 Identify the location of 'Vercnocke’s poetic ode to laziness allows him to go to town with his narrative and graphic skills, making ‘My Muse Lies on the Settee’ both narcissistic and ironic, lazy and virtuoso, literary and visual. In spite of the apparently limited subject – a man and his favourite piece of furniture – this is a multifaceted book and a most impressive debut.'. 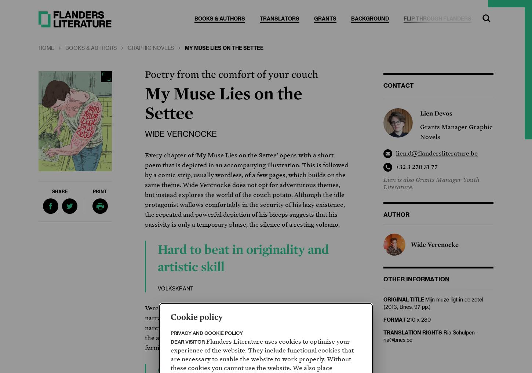
(246, 328).